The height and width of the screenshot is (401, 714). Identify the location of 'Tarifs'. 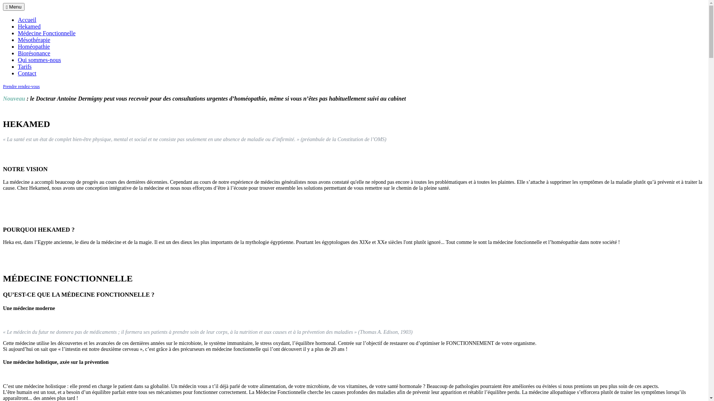
(25, 66).